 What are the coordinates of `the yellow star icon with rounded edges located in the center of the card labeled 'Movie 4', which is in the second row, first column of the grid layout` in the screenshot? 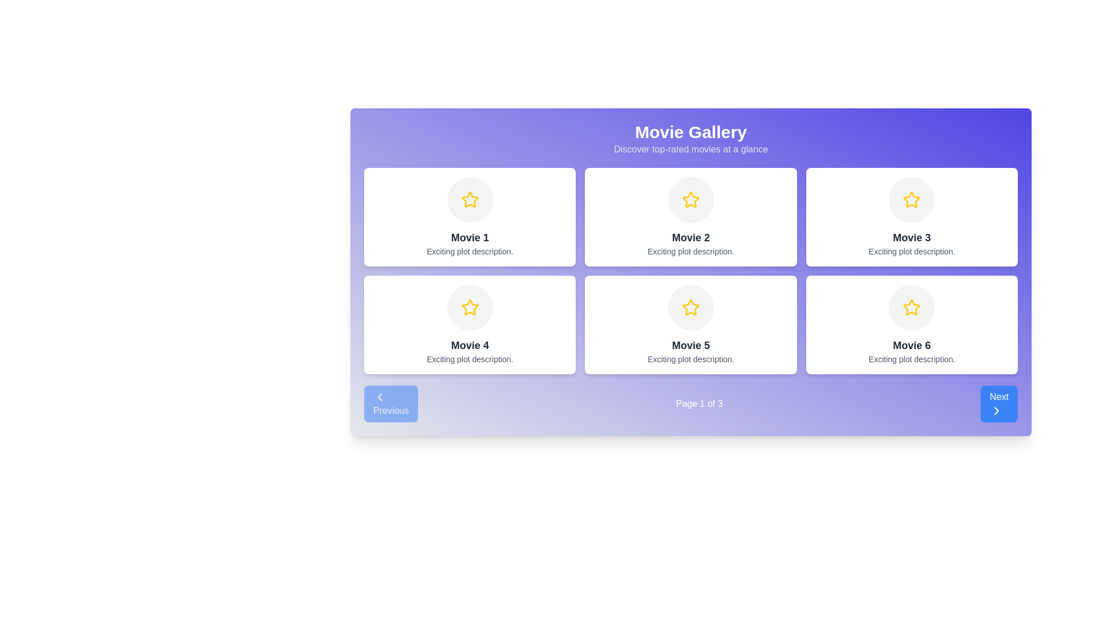 It's located at (470, 307).